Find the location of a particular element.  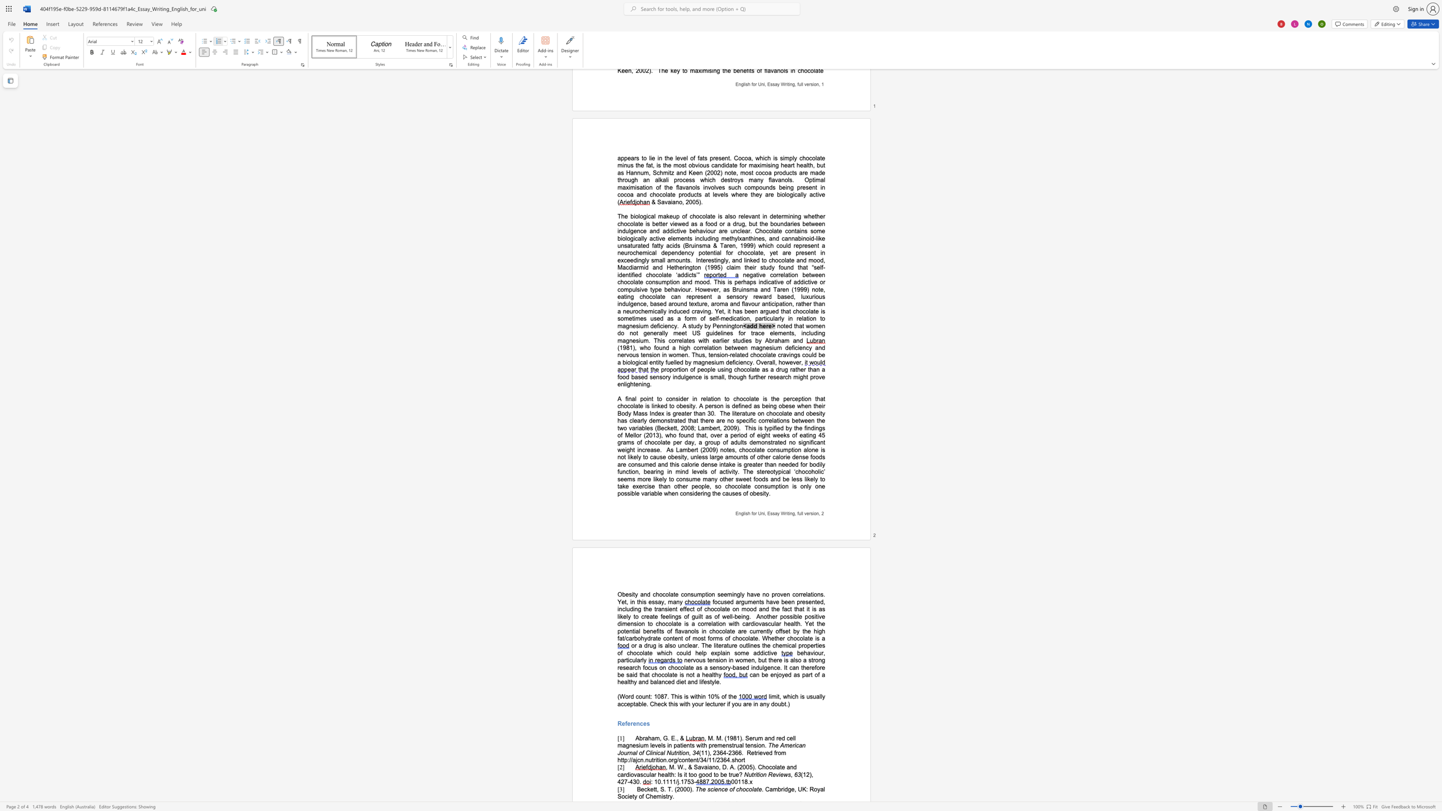

the 1th character "s" in the text is located at coordinates (789, 775).